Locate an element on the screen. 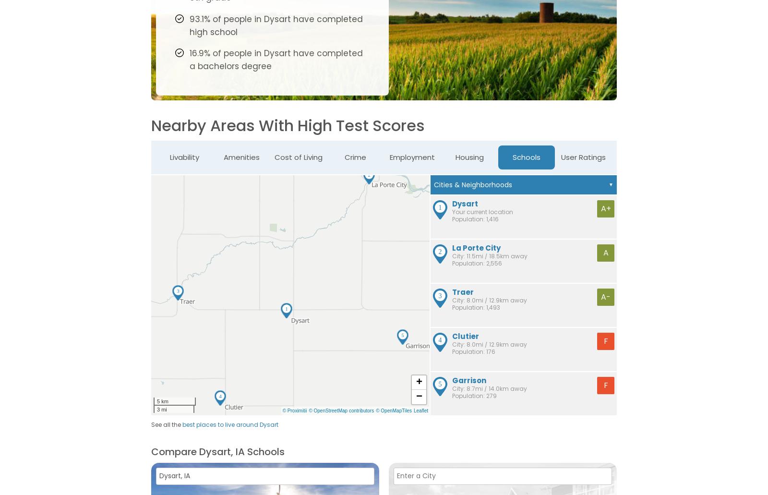  'A' is located at coordinates (602, 252).